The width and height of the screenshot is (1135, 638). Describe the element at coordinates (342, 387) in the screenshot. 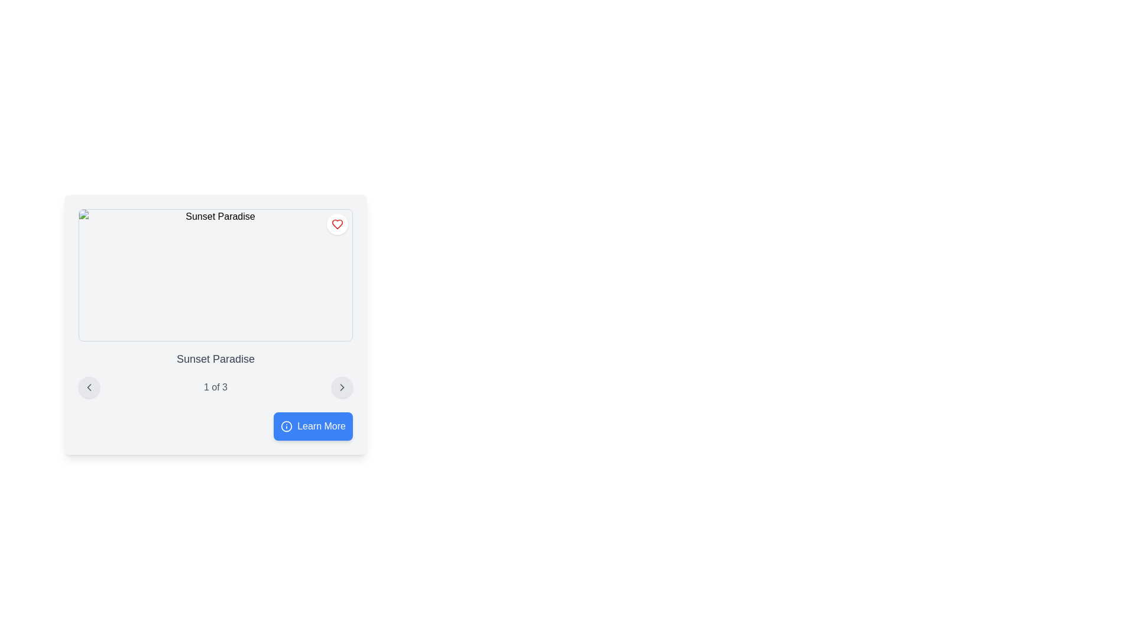

I see `the navigation button located on the far right that allows users` at that location.